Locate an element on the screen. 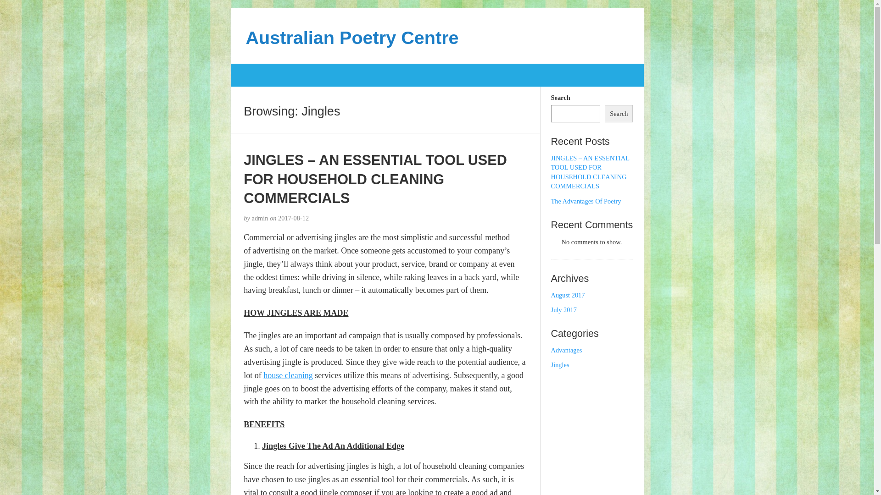  'house cleaning' is located at coordinates (287, 375).